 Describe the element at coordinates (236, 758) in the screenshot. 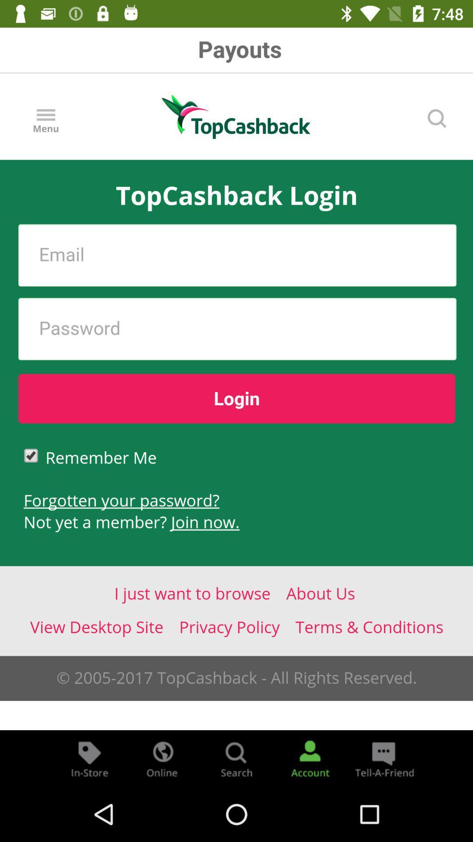

I see `open search bar` at that location.